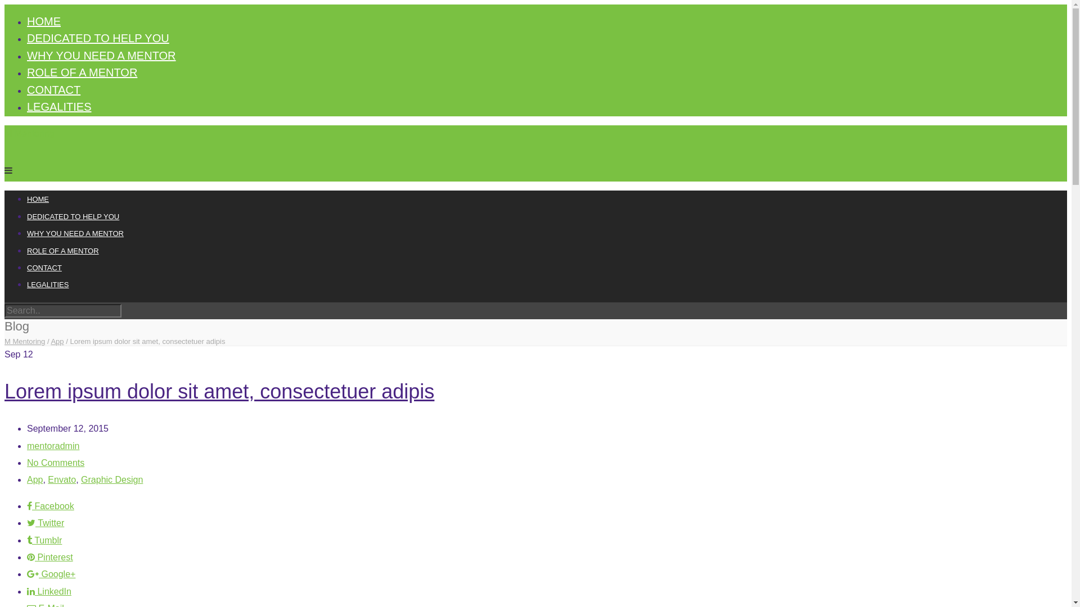 The height and width of the screenshot is (607, 1080). What do you see at coordinates (24, 341) in the screenshot?
I see `'M Mentoring'` at bounding box center [24, 341].